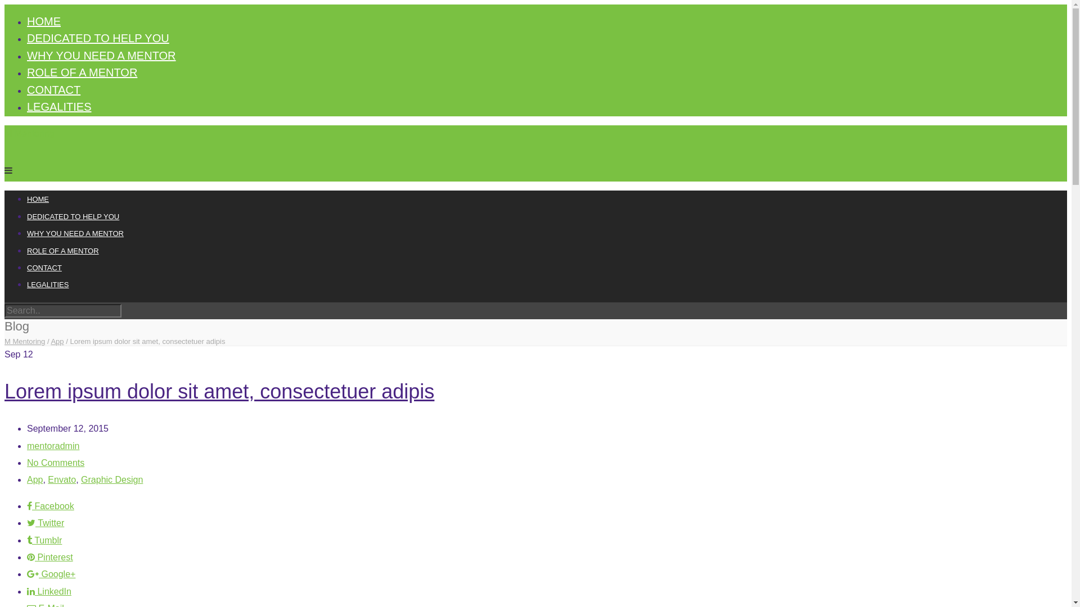 The height and width of the screenshot is (607, 1080). What do you see at coordinates (24, 341) in the screenshot?
I see `'M Mentoring'` at bounding box center [24, 341].